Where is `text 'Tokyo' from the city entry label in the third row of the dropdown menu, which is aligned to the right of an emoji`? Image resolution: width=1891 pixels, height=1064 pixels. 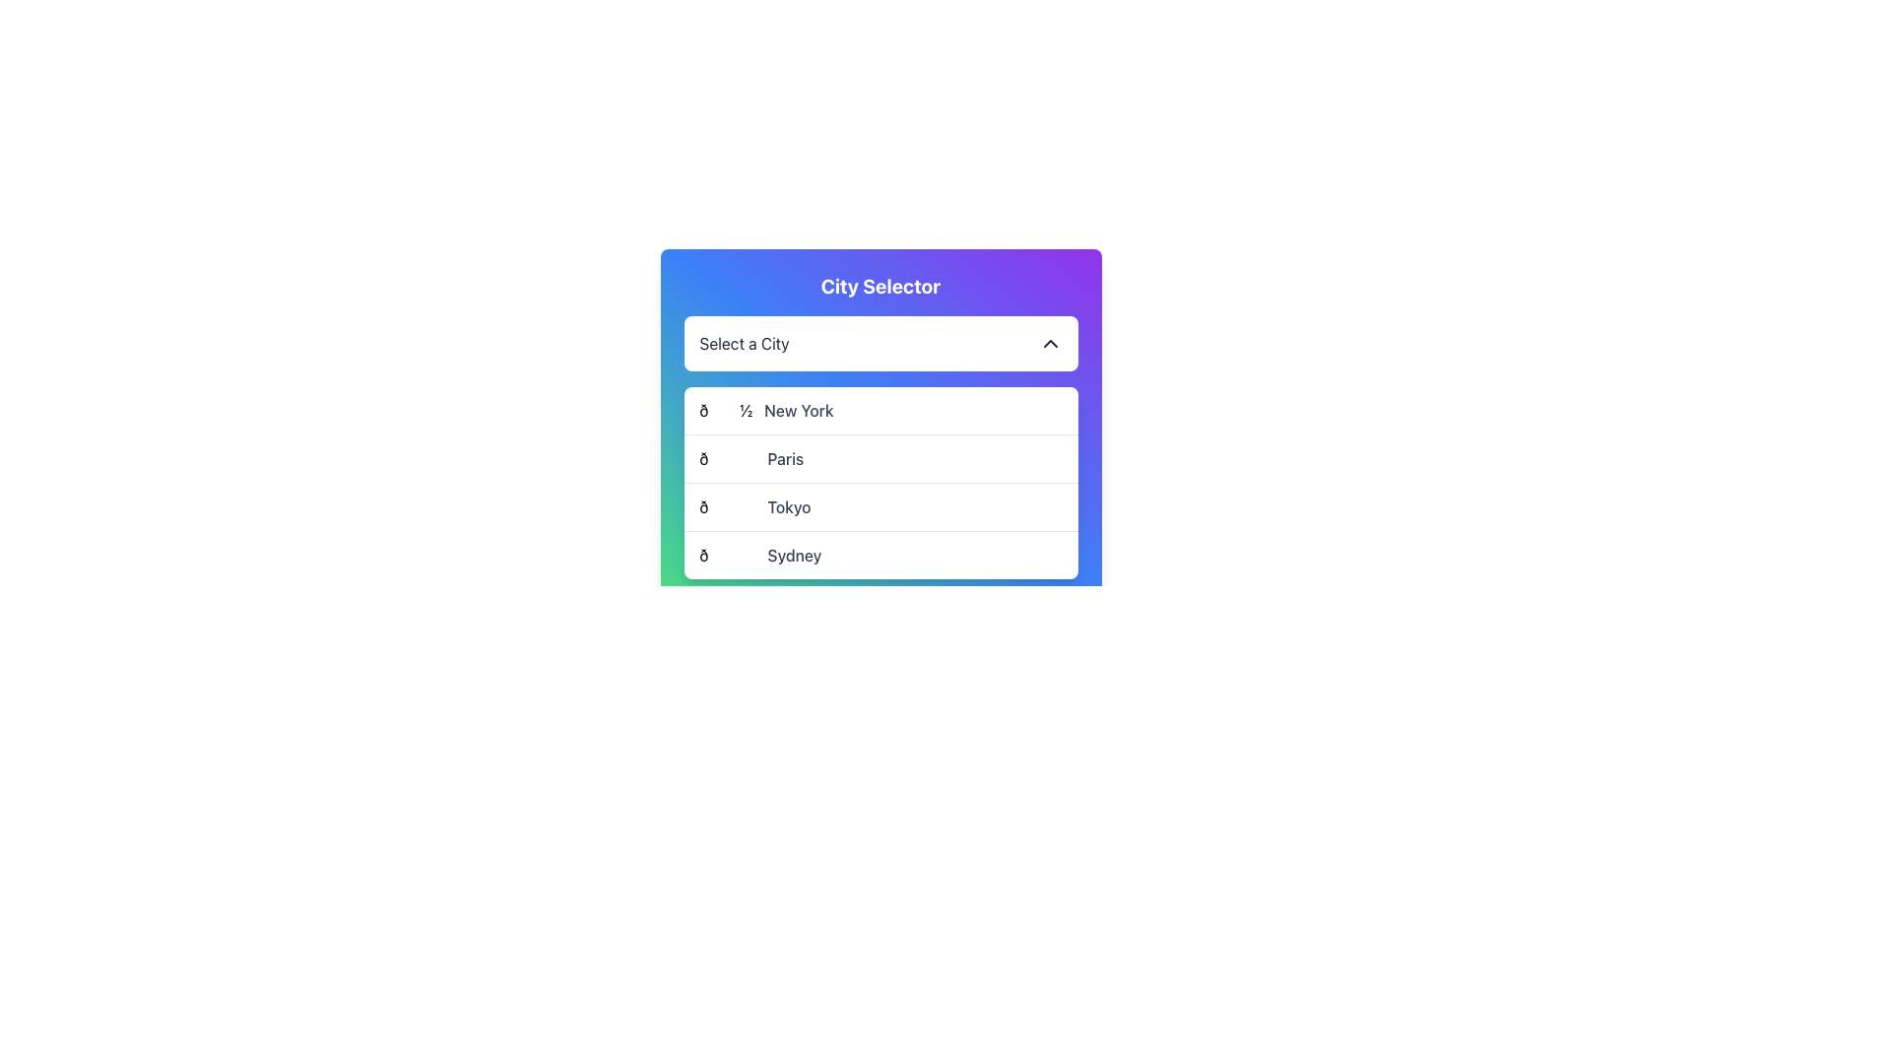
text 'Tokyo' from the city entry label in the third row of the dropdown menu, which is aligned to the right of an emoji is located at coordinates (789, 506).